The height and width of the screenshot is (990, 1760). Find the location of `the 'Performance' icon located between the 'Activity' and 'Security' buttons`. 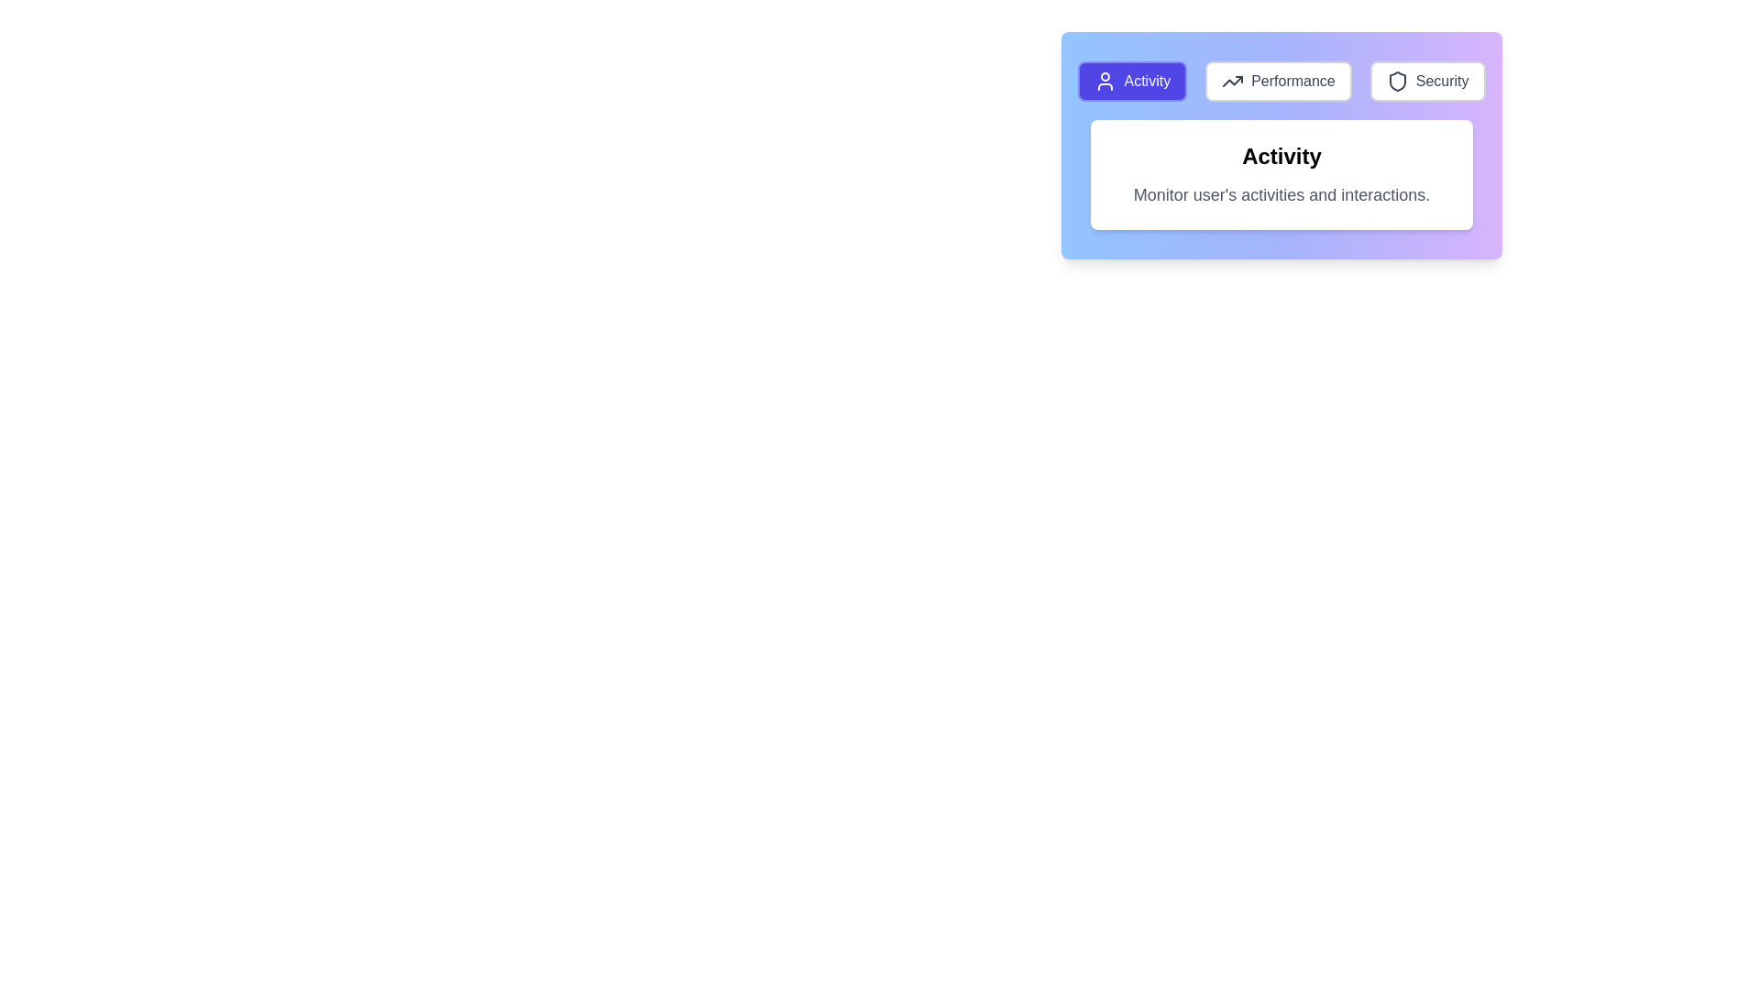

the 'Performance' icon located between the 'Activity' and 'Security' buttons is located at coordinates (1233, 80).